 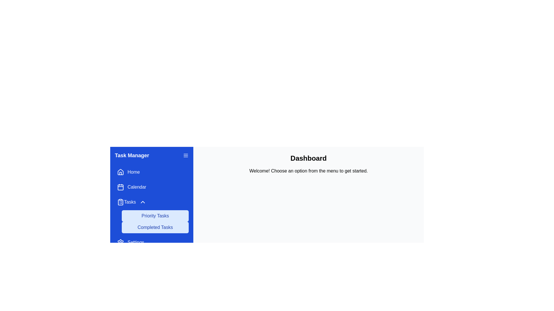 I want to click on the settings icon located in the lower section of the left-hand side menu panel, below the 'Tasks' menu option, so click(x=120, y=242).